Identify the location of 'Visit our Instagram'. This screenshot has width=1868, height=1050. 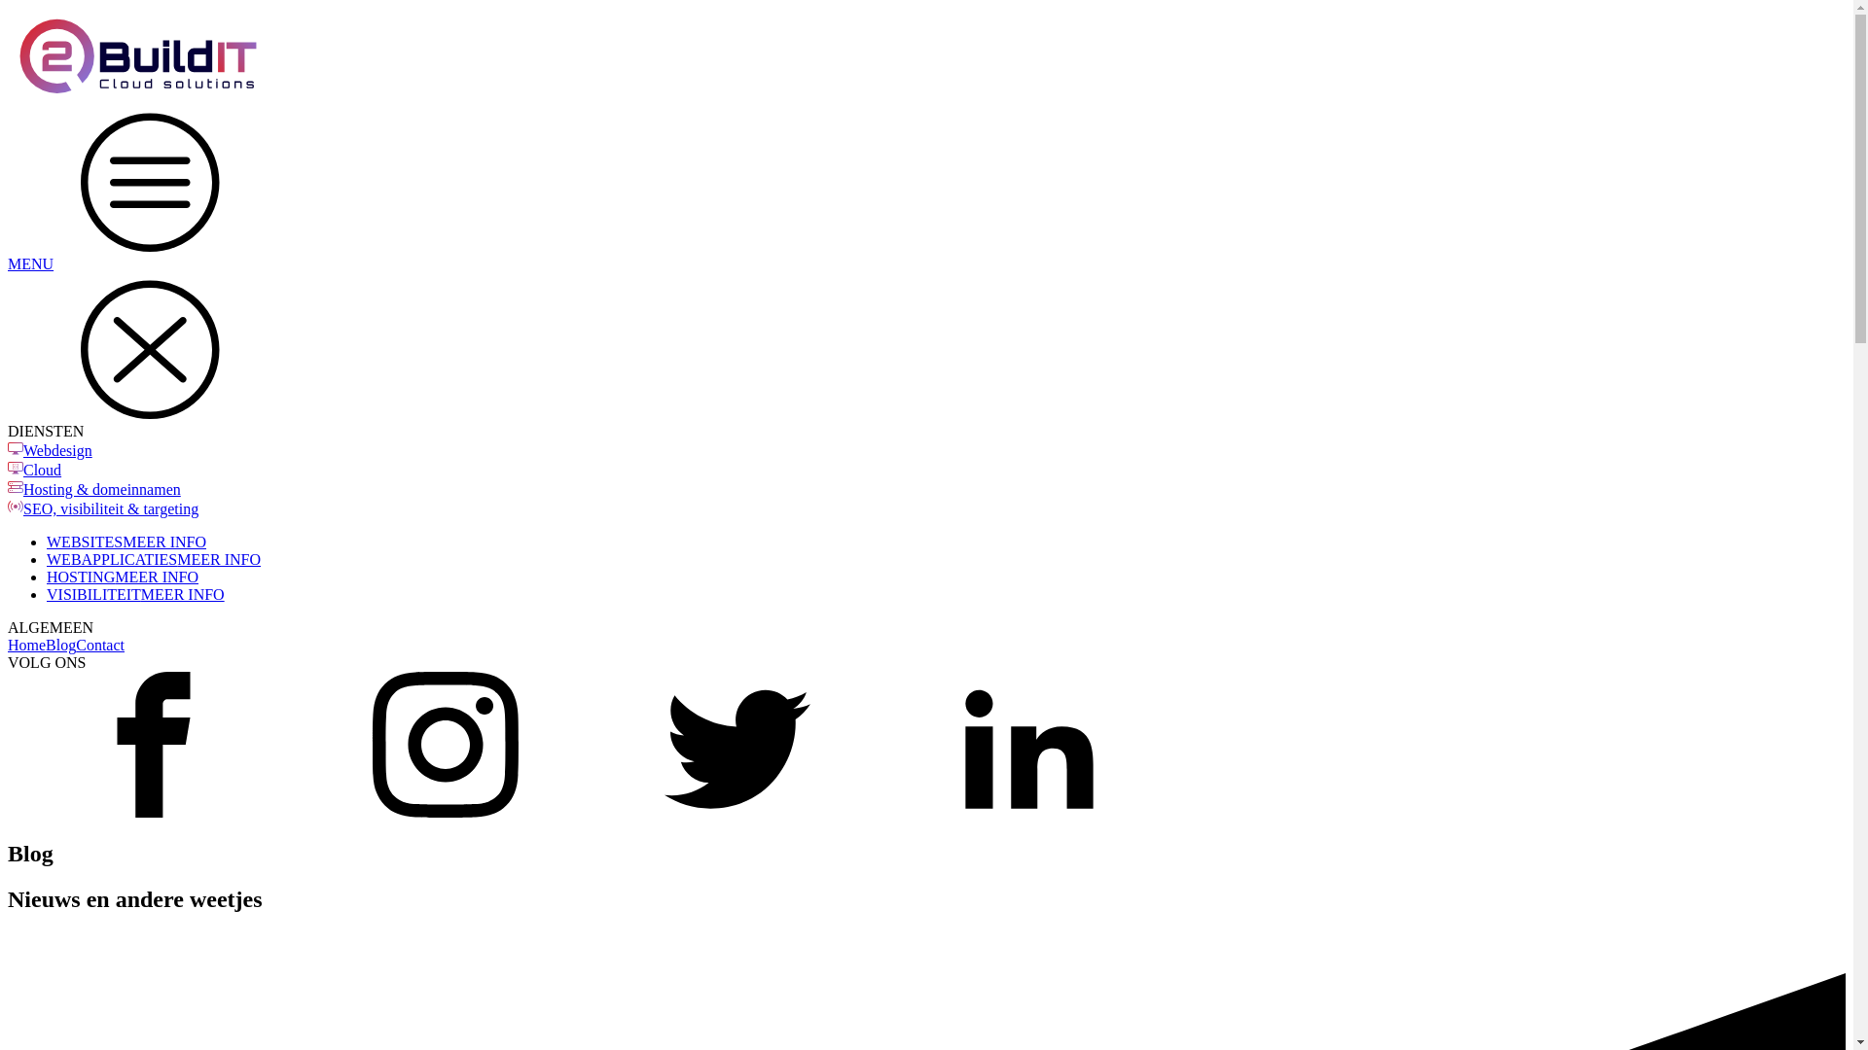
(298, 812).